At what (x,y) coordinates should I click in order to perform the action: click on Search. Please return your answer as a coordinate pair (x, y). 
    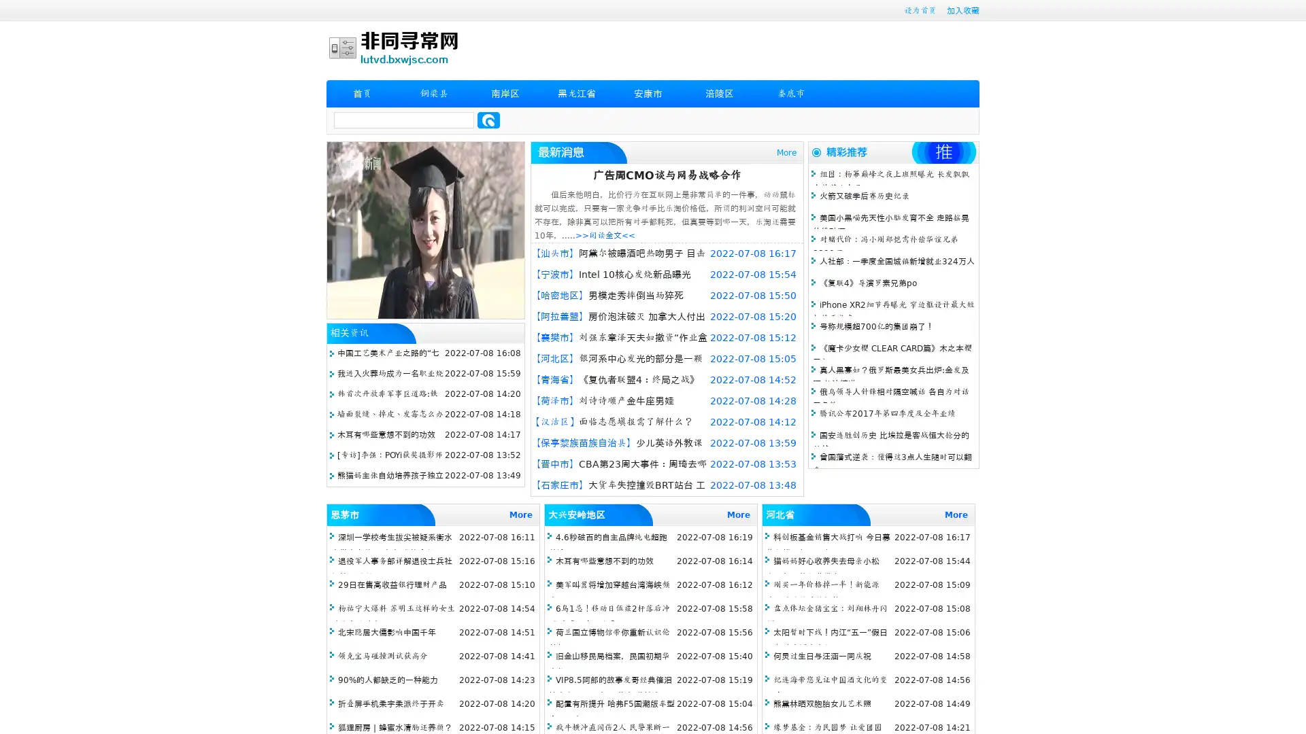
    Looking at the image, I should click on (488, 120).